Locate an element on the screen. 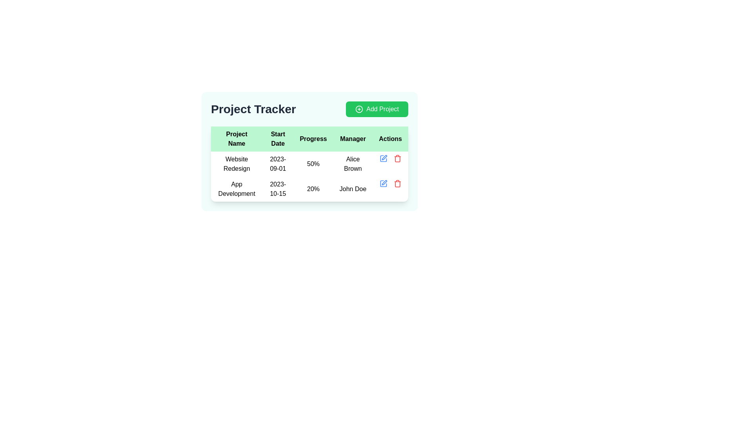  the text display element that identifies the manager assigned to a specific project in the project tracker interface, located in the fourth column of the first row, under the 'Manager' header, adjacent to the '50%' cell is located at coordinates (353, 164).